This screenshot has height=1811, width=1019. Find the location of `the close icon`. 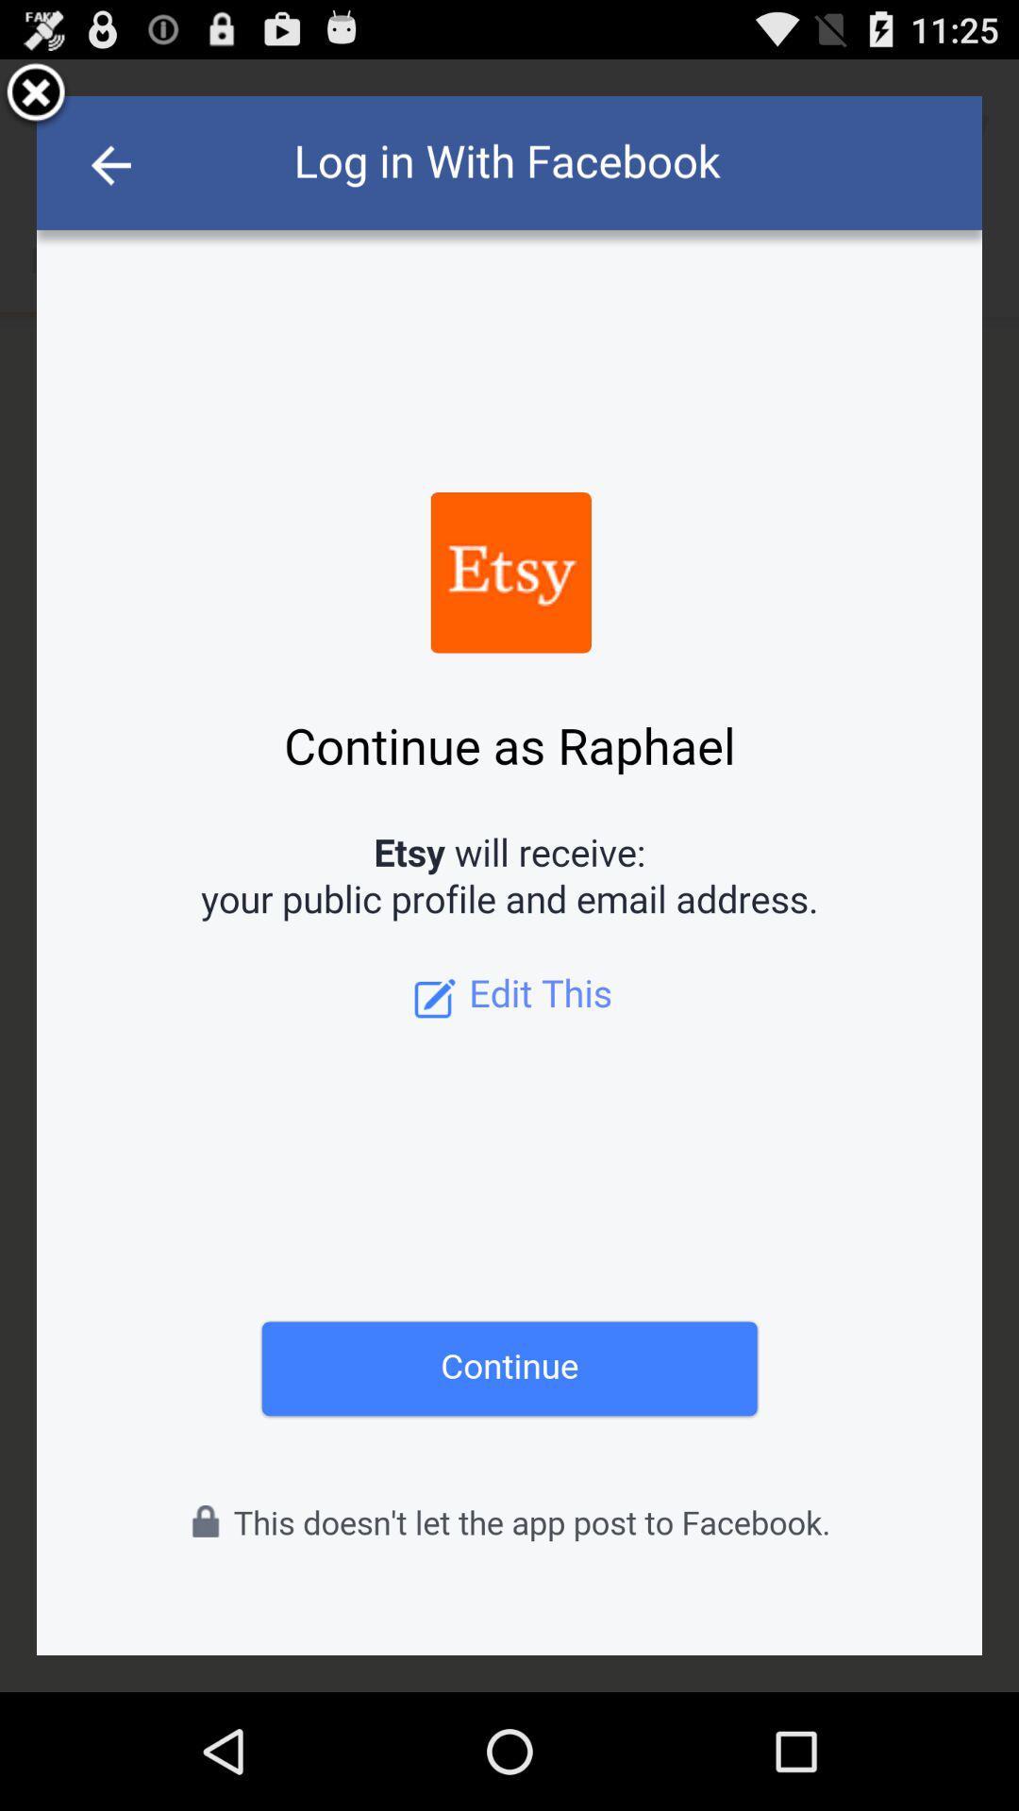

the close icon is located at coordinates (36, 101).